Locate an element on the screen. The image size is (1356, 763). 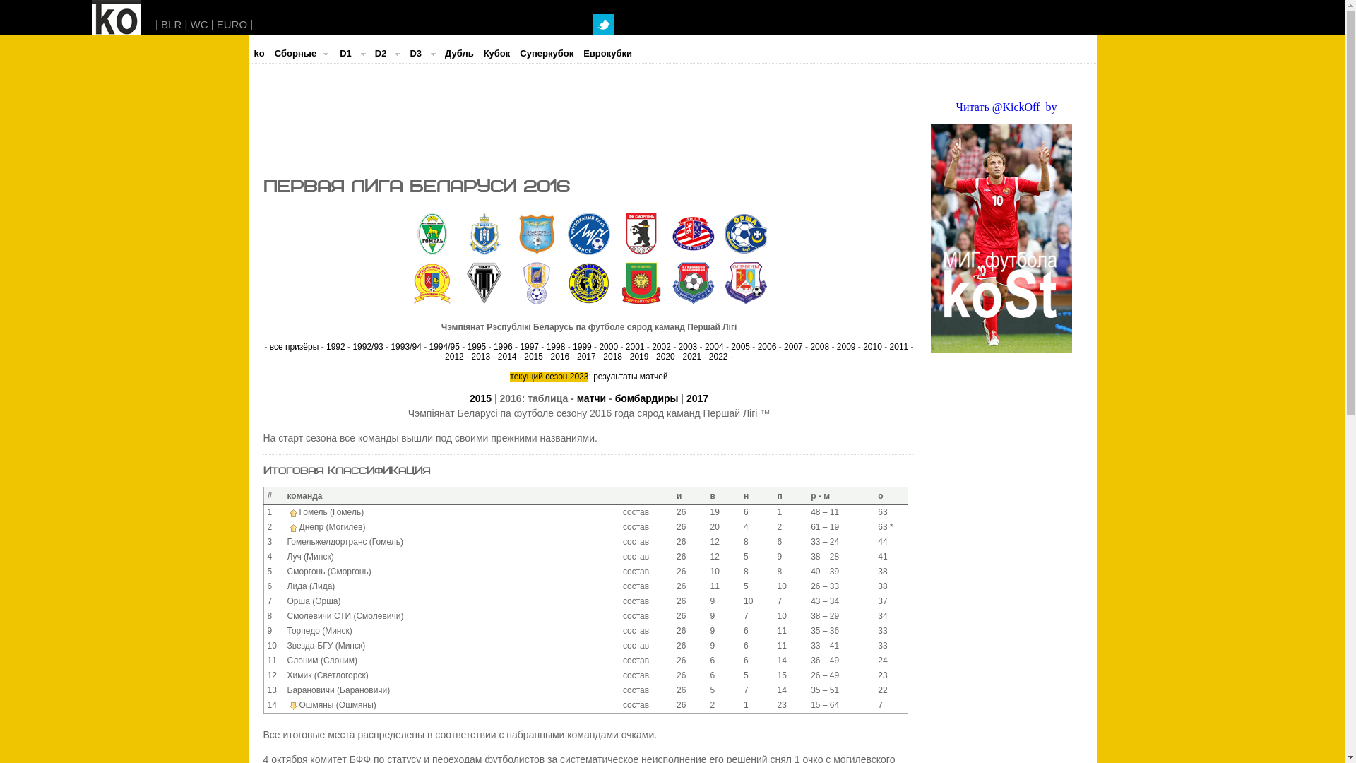
'EURO' is located at coordinates (216, 24).